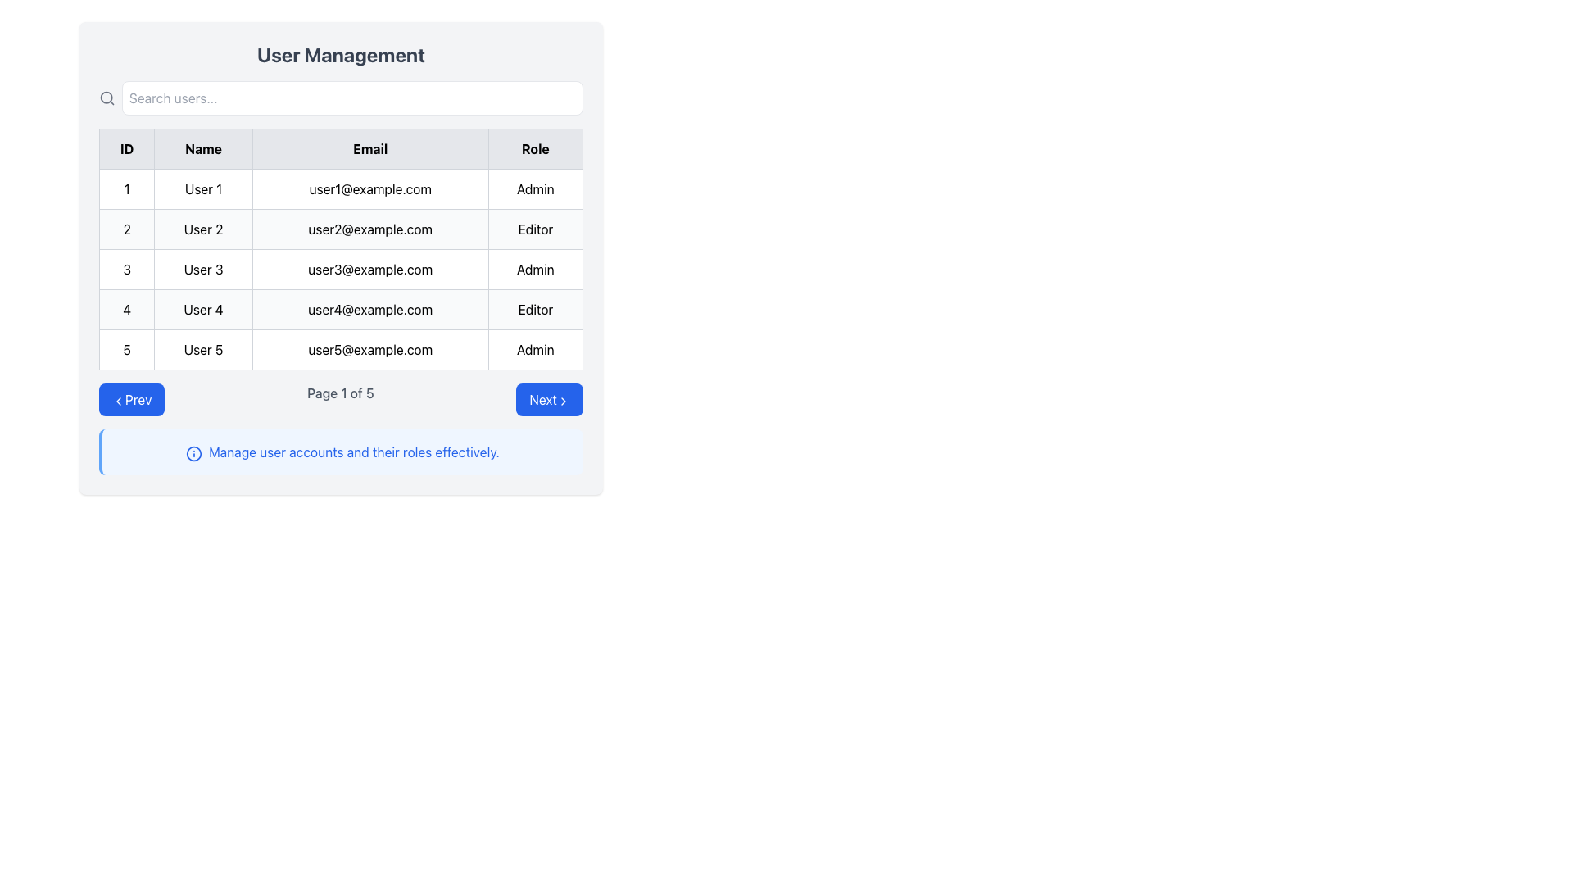  Describe the element at coordinates (339, 400) in the screenshot. I see `the text label displaying 'Page 1 of 5', which is centrally located between the 'Prev' and 'Next' buttons in the pagination bar at the bottom of the user management table` at that location.